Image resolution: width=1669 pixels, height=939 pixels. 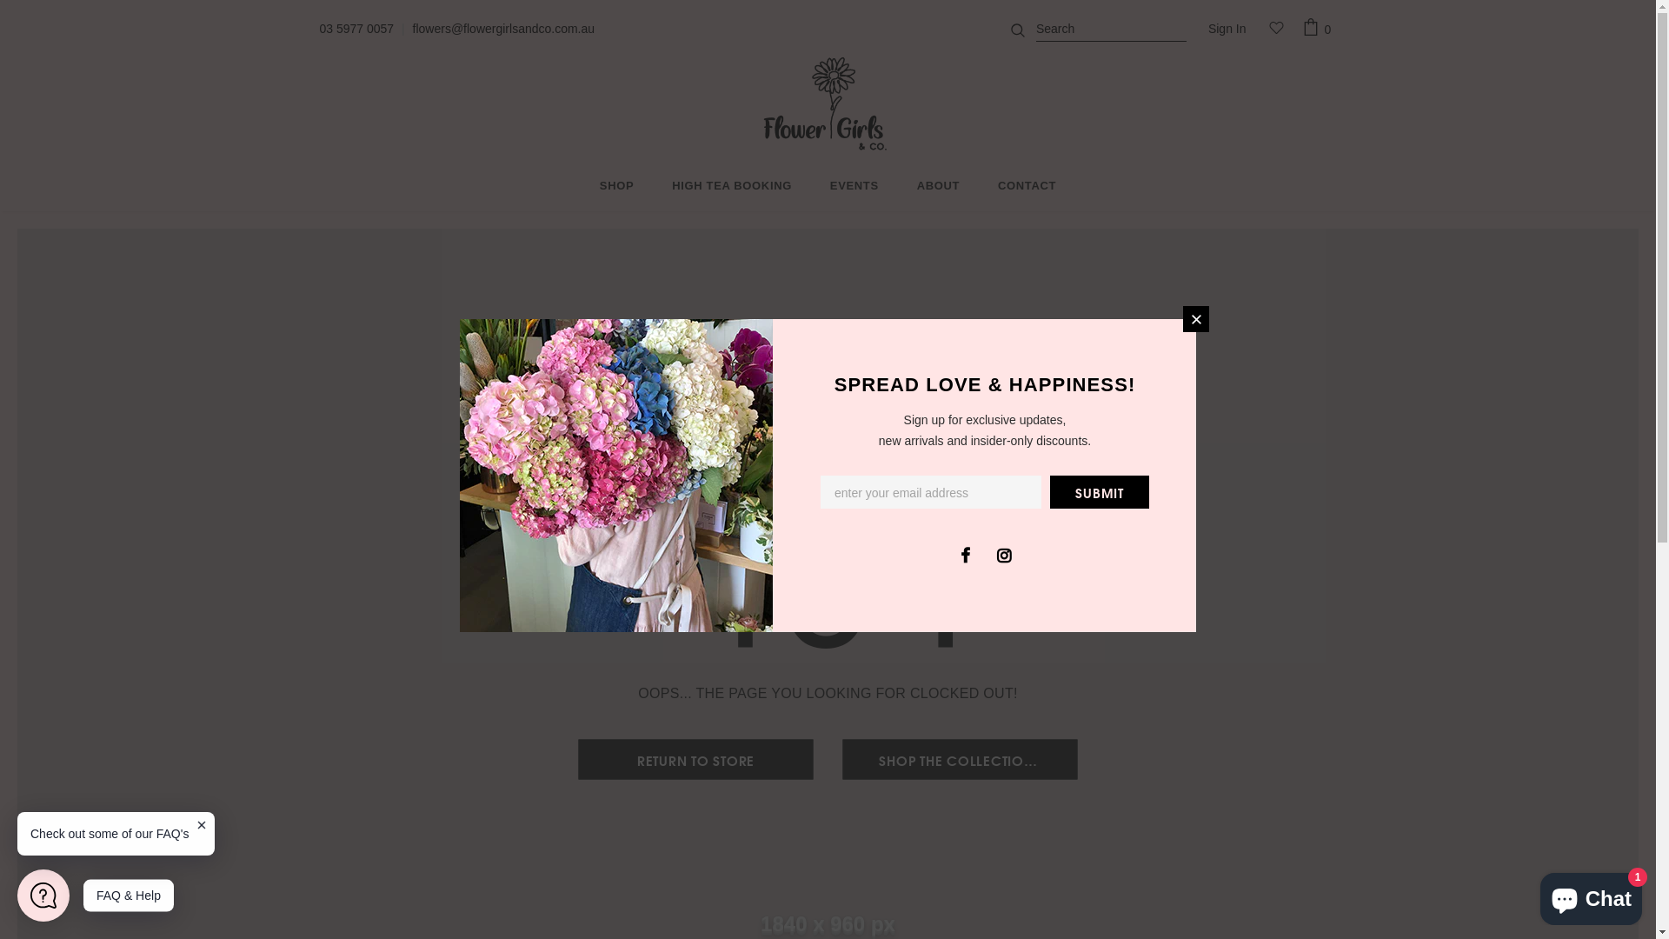 What do you see at coordinates (959, 759) in the screenshot?
I see `'SHOP THE COLLECTIONS'` at bounding box center [959, 759].